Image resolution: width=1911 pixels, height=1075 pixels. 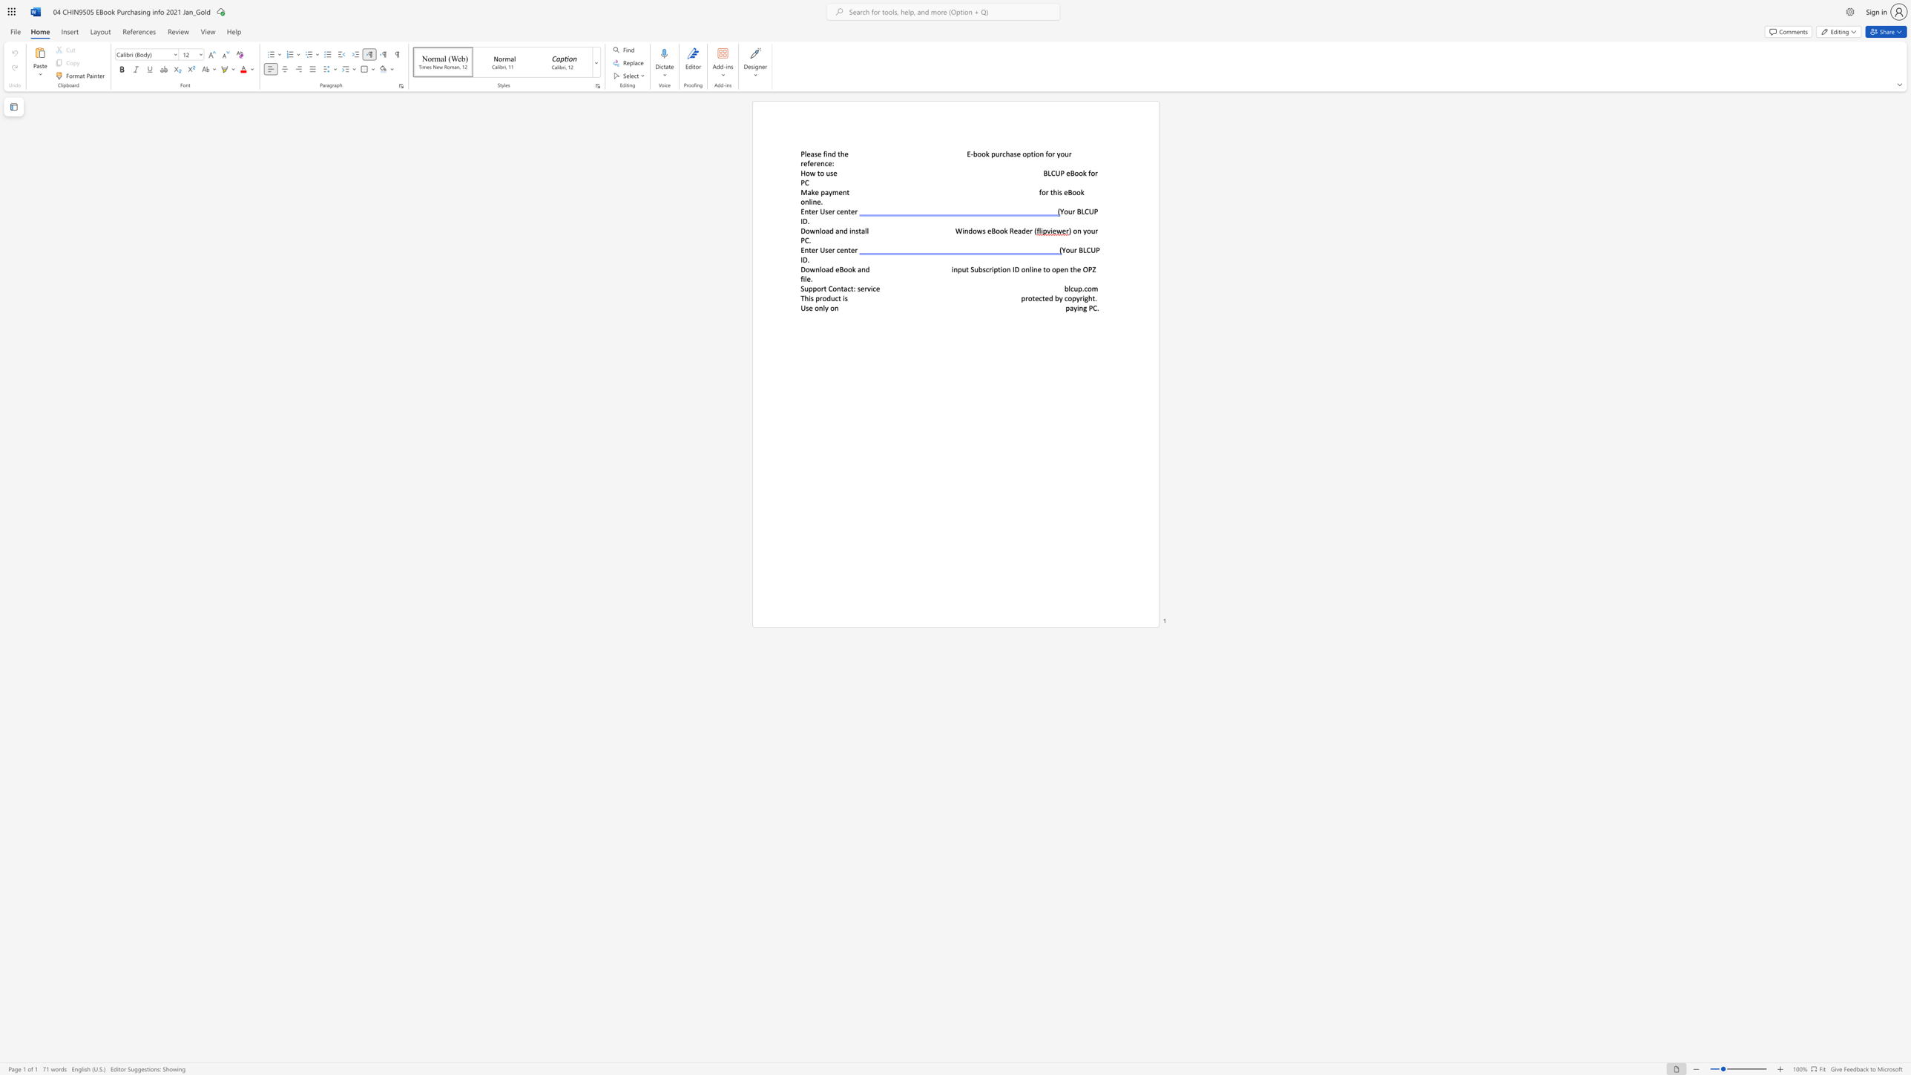 What do you see at coordinates (832, 298) in the screenshot?
I see `the 1th character "u" in the text` at bounding box center [832, 298].